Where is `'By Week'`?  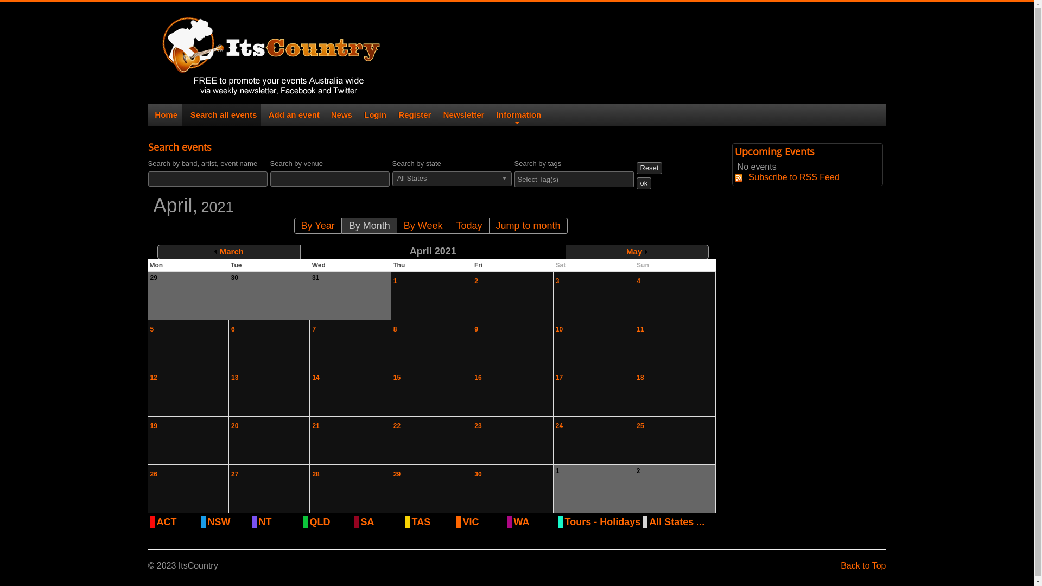
'By Week' is located at coordinates (422, 225).